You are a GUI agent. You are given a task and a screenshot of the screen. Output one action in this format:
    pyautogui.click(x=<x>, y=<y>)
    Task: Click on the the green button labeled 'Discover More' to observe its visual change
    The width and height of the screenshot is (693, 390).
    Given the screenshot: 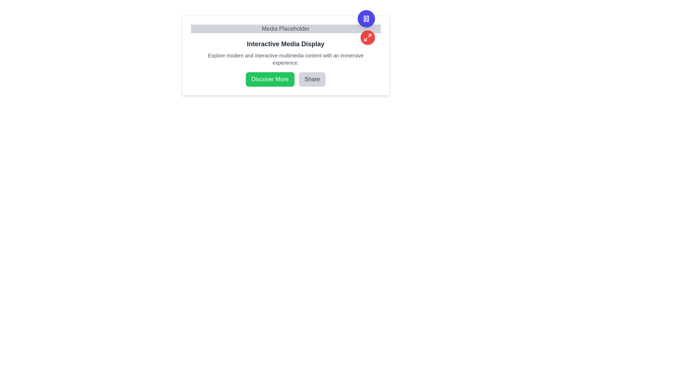 What is the action you would take?
    pyautogui.click(x=270, y=79)
    